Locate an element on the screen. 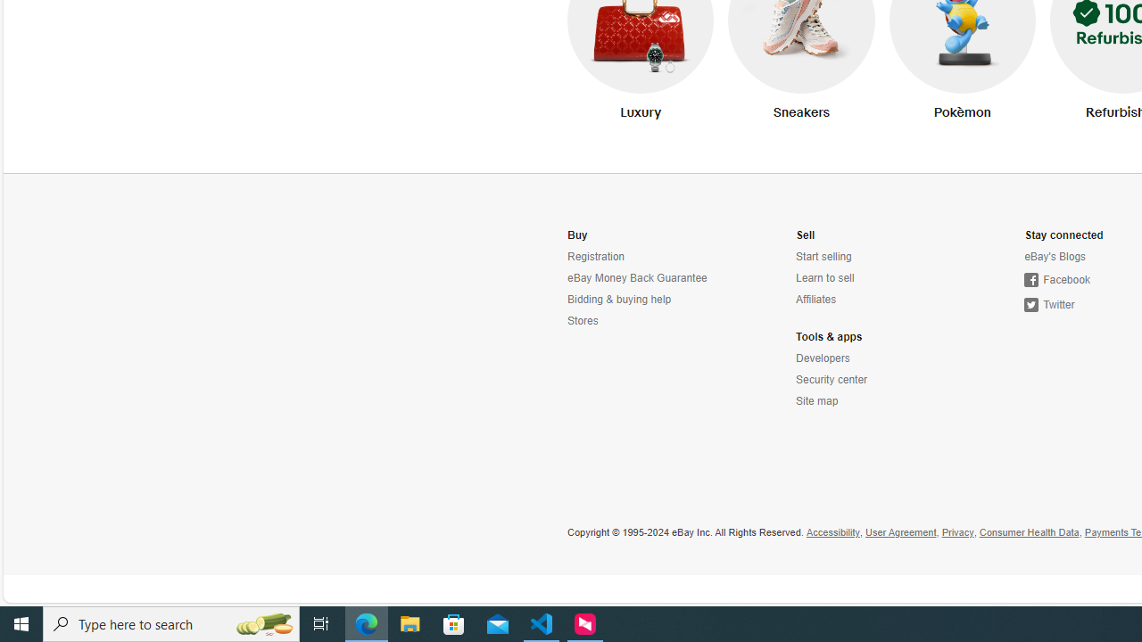 The width and height of the screenshot is (1142, 642). 'Affiliates' is located at coordinates (815, 299).